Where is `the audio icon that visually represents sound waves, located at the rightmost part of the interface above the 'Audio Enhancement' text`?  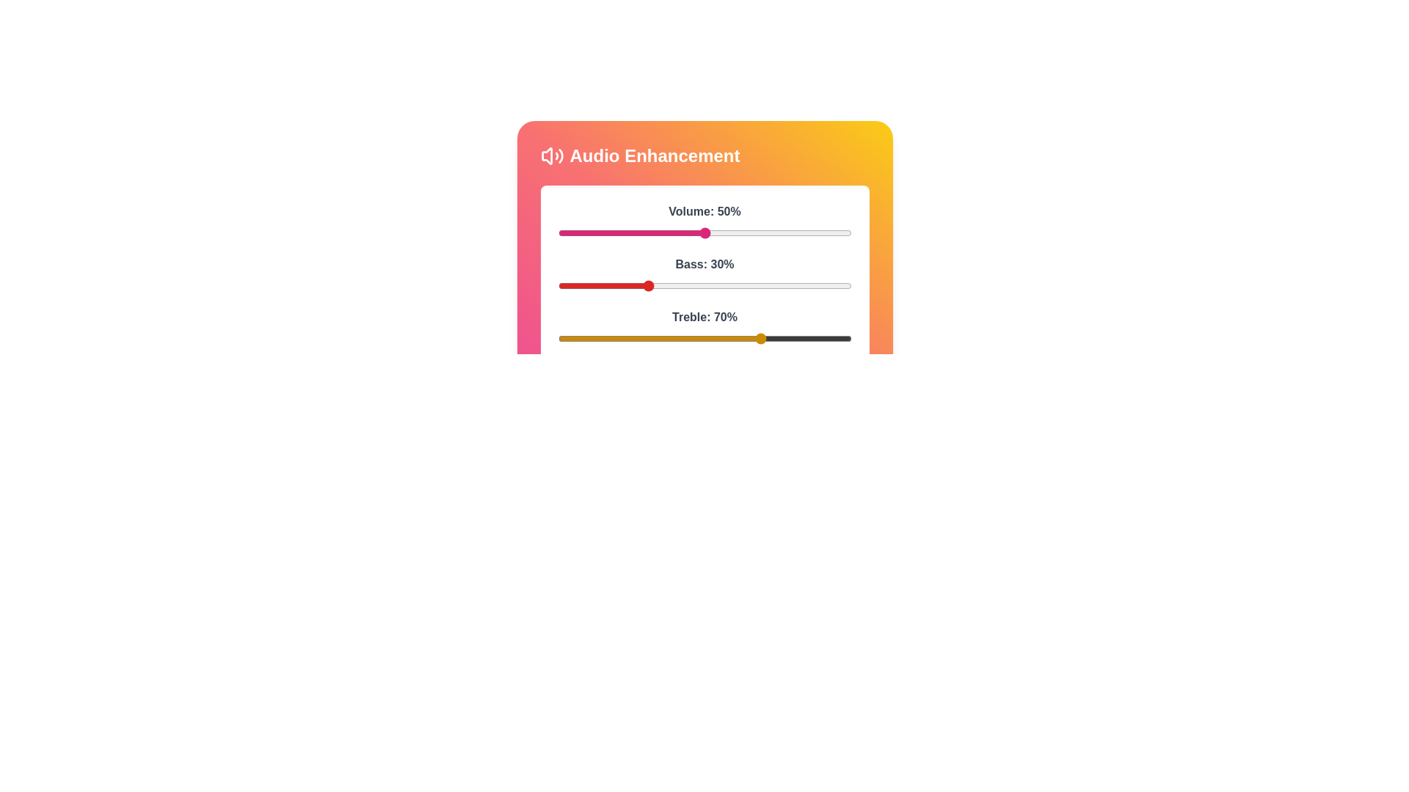
the audio icon that visually represents sound waves, located at the rightmost part of the interface above the 'Audio Enhancement' text is located at coordinates (560, 155).